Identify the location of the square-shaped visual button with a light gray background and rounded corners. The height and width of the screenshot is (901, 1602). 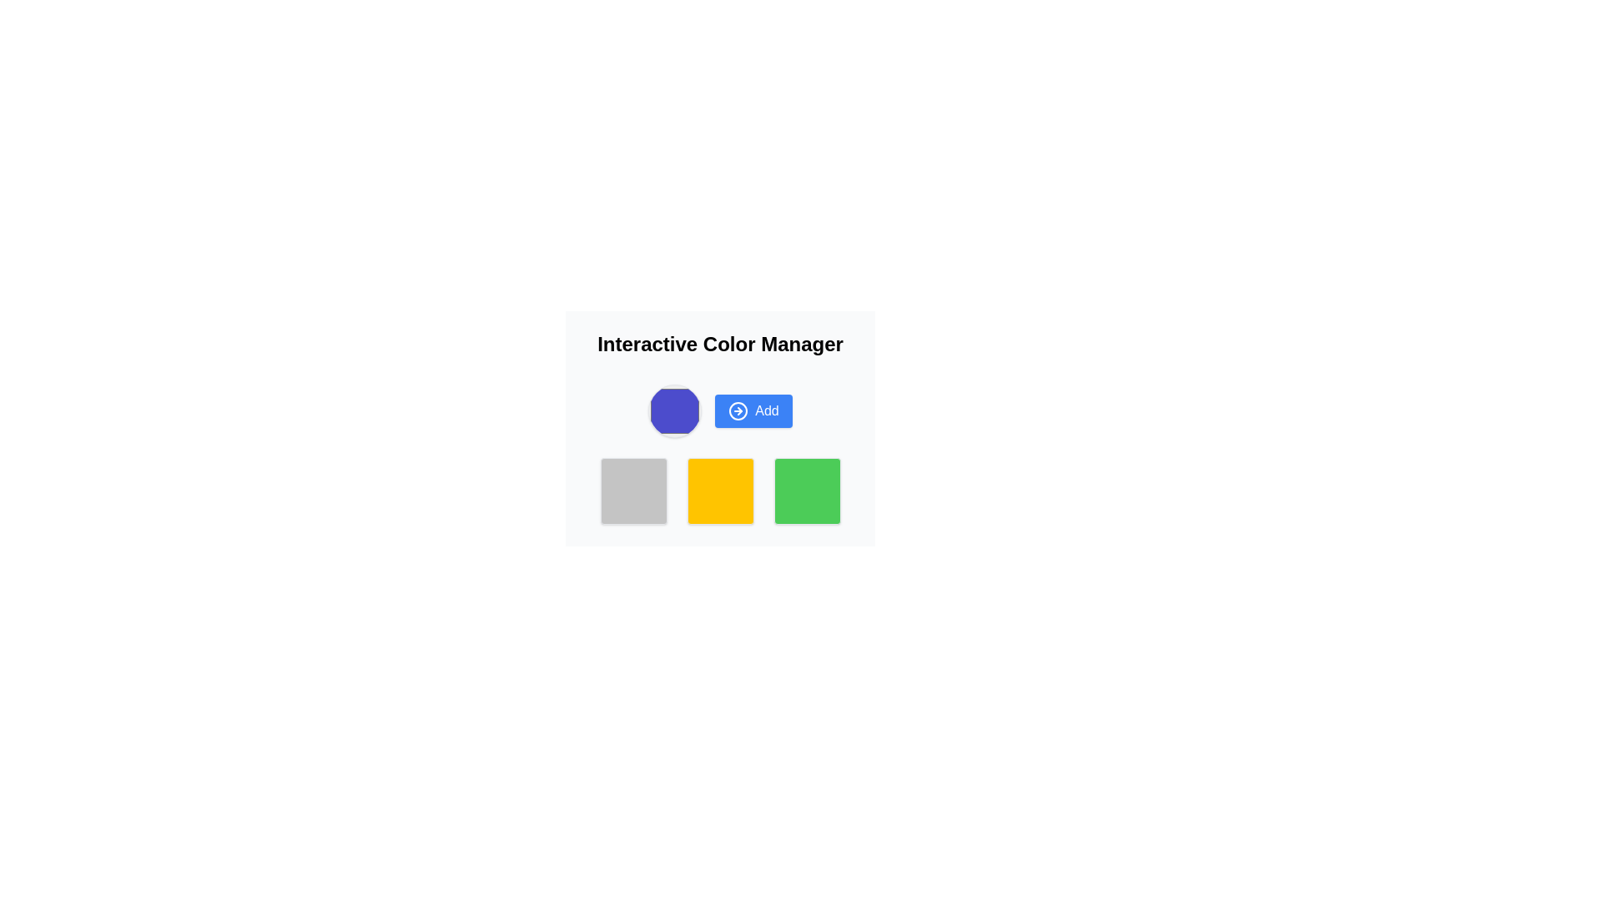
(632, 491).